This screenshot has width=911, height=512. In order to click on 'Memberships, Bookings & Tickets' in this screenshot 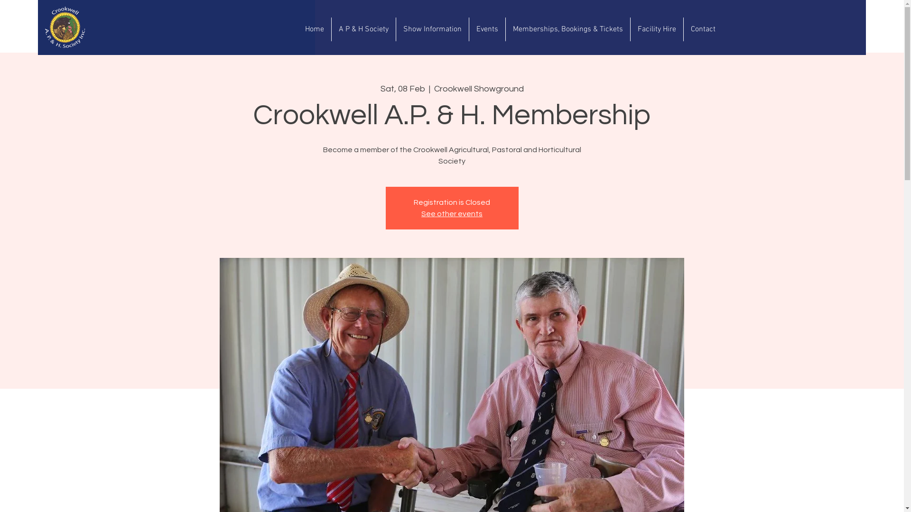, I will do `click(567, 28)`.